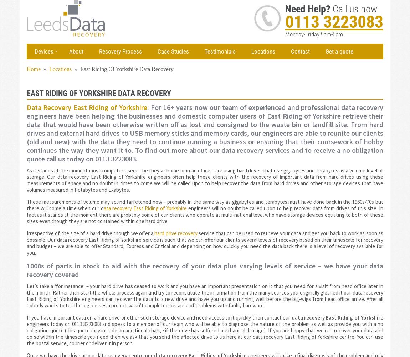 Image resolution: width=410 pixels, height=357 pixels. I want to click on 'About', so click(76, 51).